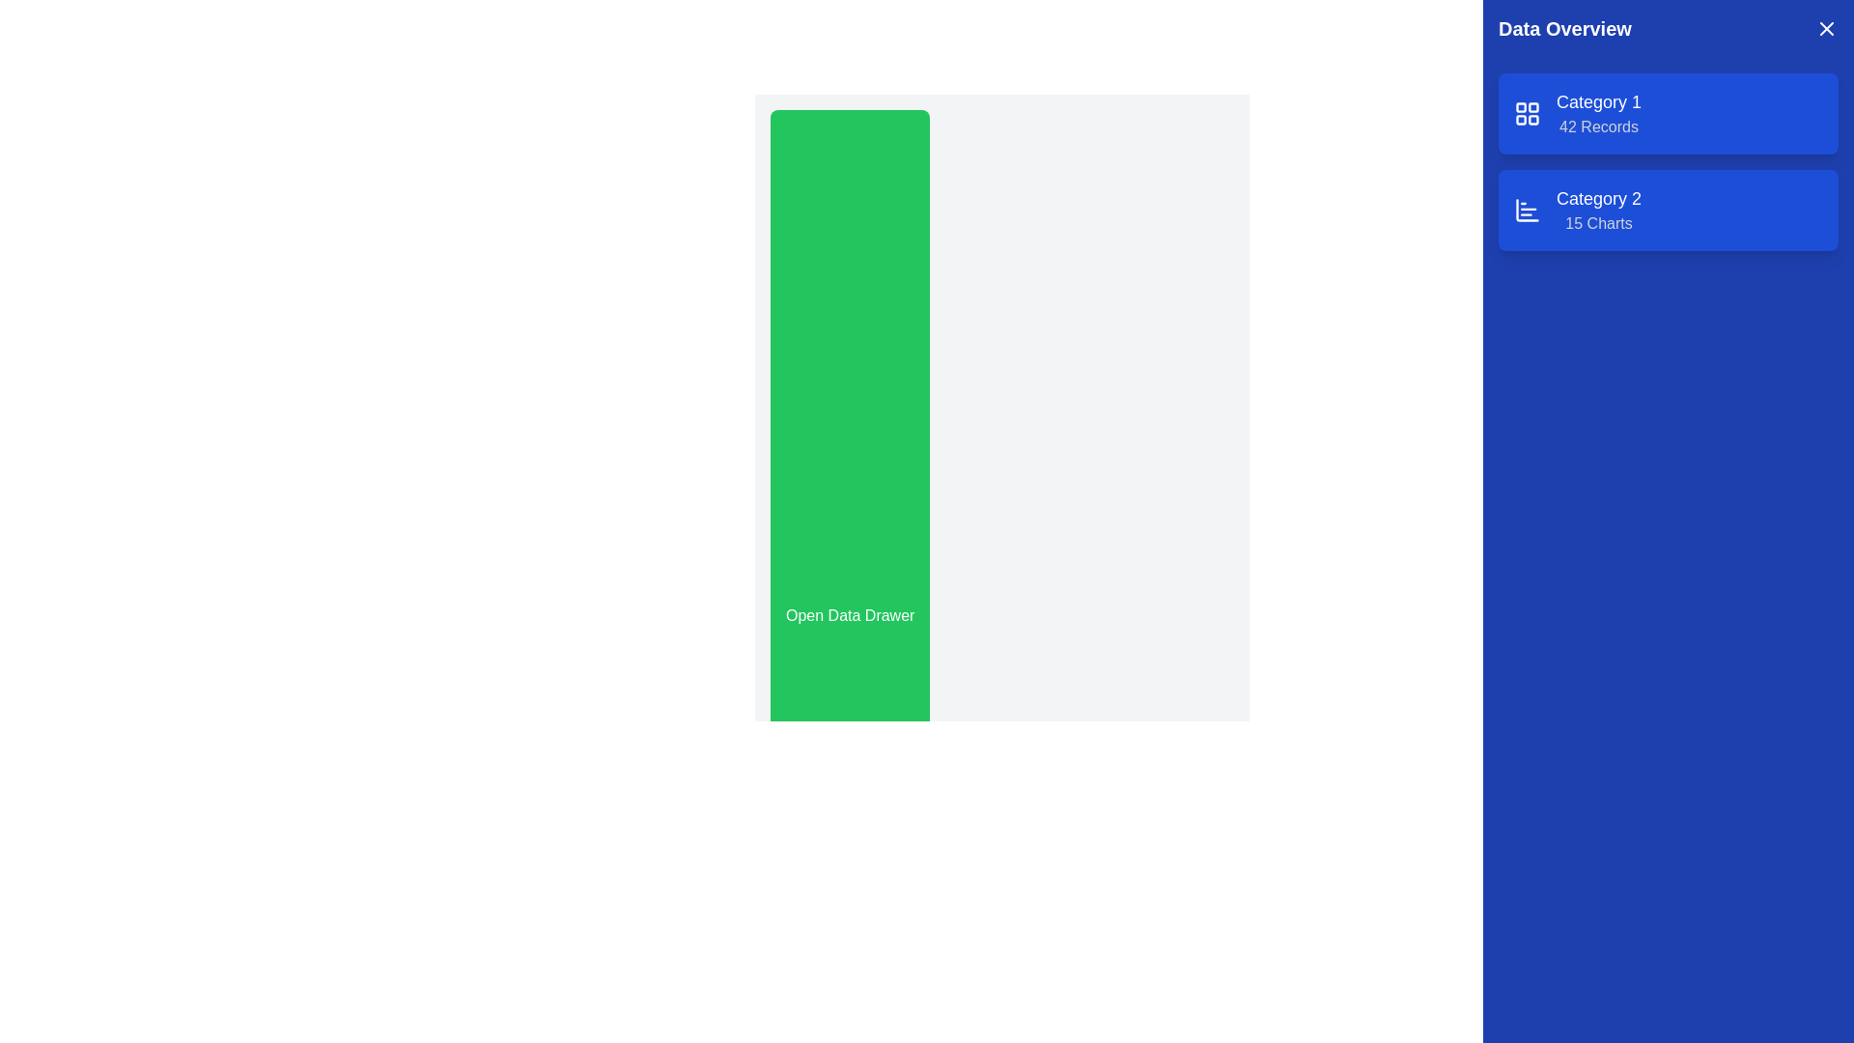 The image size is (1854, 1043). I want to click on the category item corresponding to Category 2, so click(1599, 211).